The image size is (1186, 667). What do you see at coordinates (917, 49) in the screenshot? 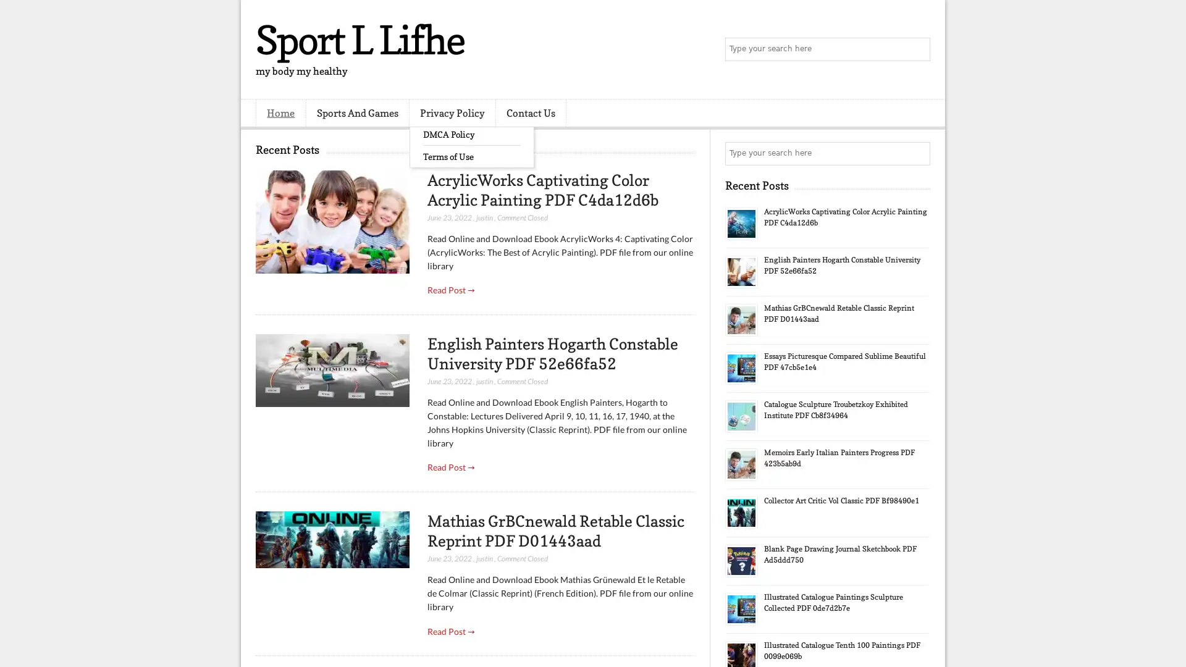
I see `Search` at bounding box center [917, 49].